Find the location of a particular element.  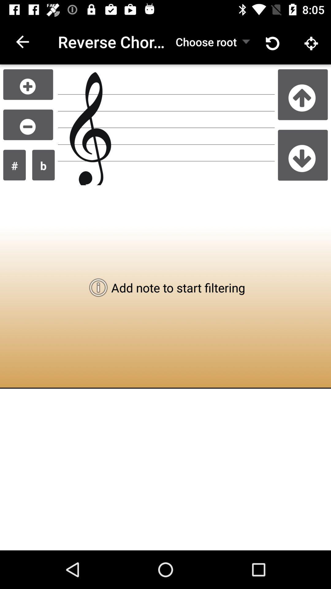

go down is located at coordinates (302, 155).